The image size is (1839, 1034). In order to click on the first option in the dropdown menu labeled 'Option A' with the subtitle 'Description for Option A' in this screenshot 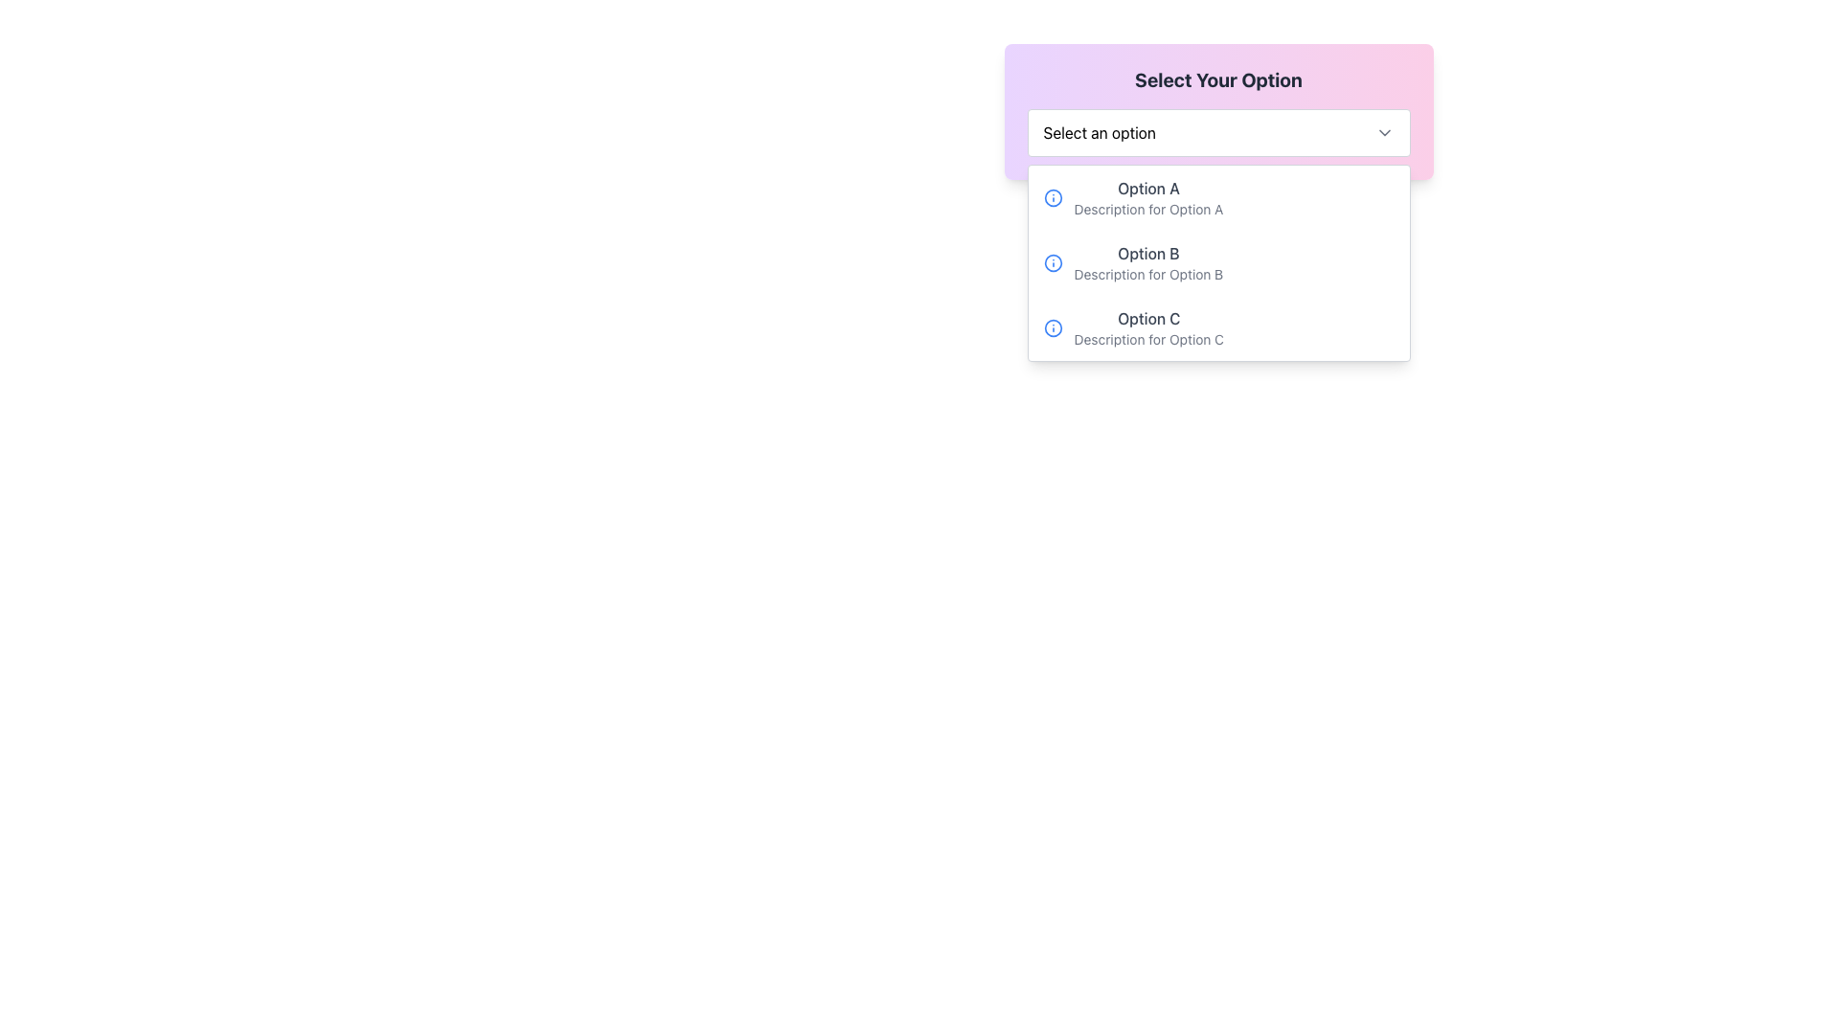, I will do `click(1148, 198)`.